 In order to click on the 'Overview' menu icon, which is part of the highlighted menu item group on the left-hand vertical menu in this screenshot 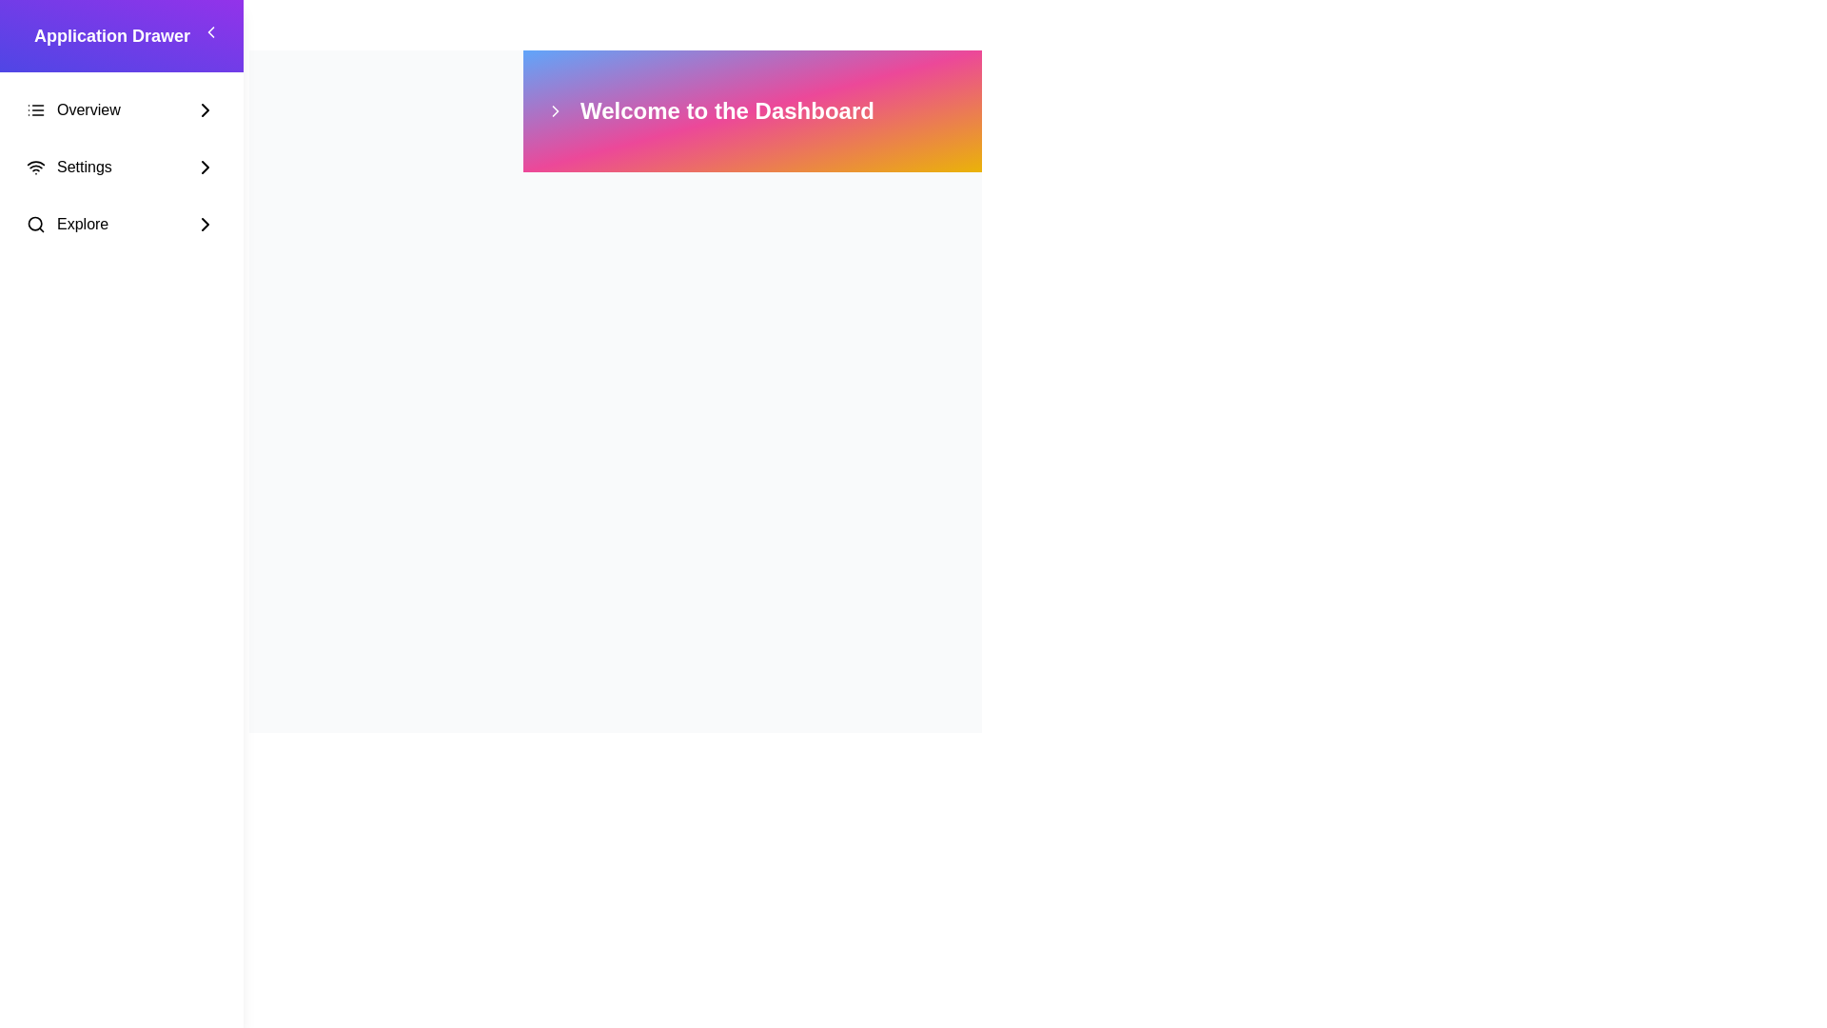, I will do `click(36, 109)`.